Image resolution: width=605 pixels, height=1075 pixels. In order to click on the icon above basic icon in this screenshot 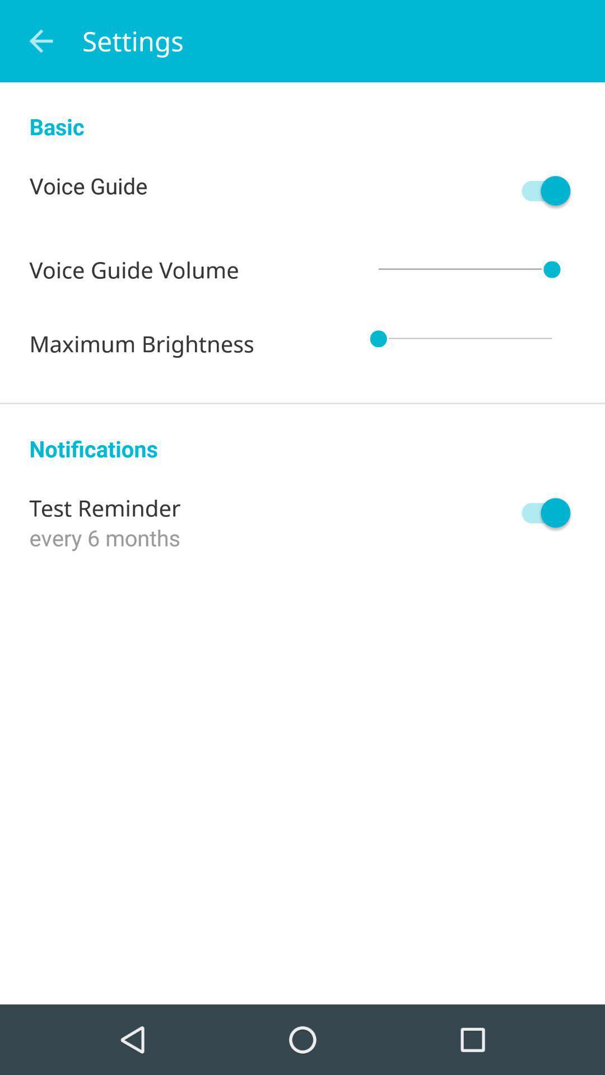, I will do `click(40, 41)`.